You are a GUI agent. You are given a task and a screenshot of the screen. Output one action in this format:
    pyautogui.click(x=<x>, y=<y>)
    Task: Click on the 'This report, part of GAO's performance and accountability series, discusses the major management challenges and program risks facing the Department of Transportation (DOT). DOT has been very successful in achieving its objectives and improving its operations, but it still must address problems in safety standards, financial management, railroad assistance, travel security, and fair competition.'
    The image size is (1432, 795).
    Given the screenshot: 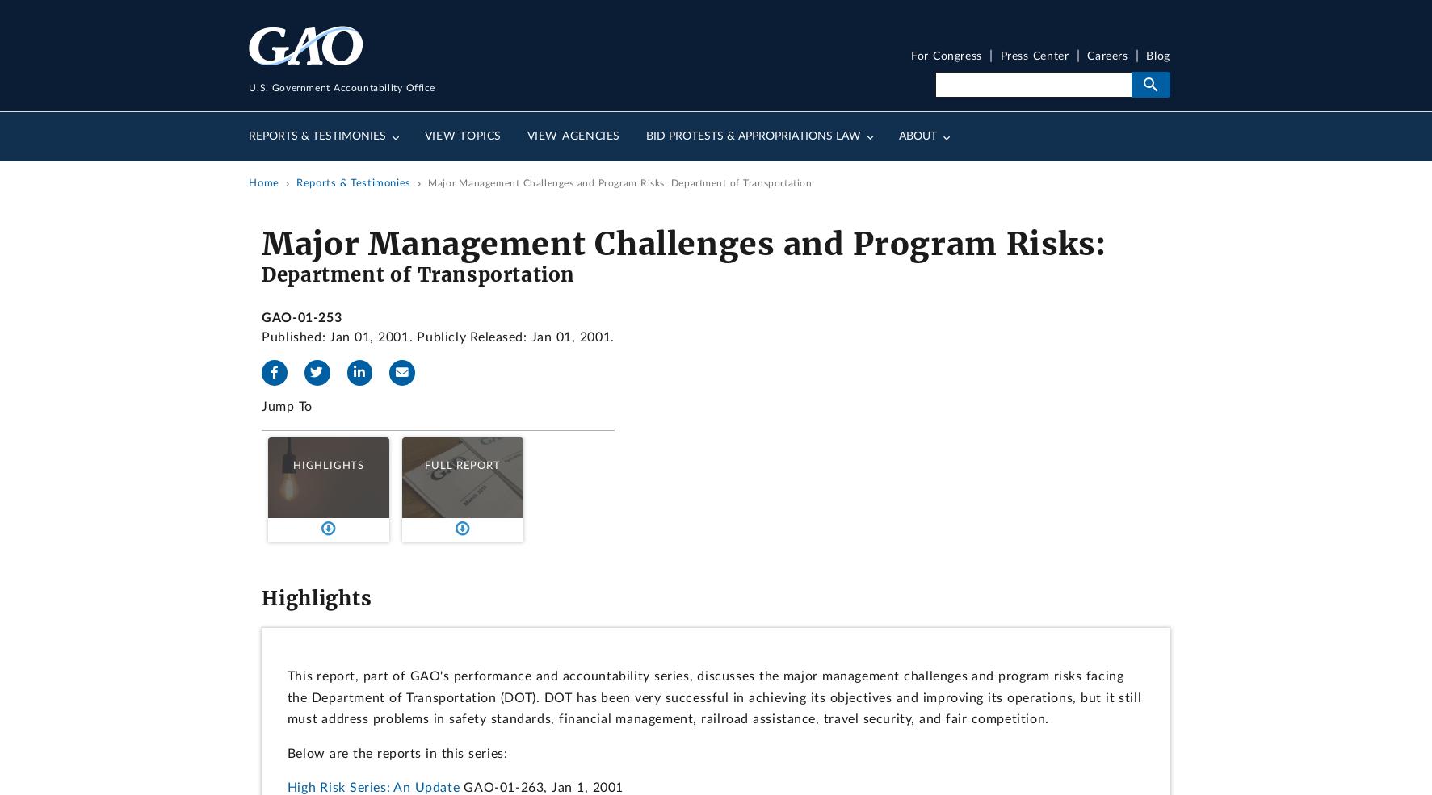 What is the action you would take?
    pyautogui.click(x=286, y=697)
    